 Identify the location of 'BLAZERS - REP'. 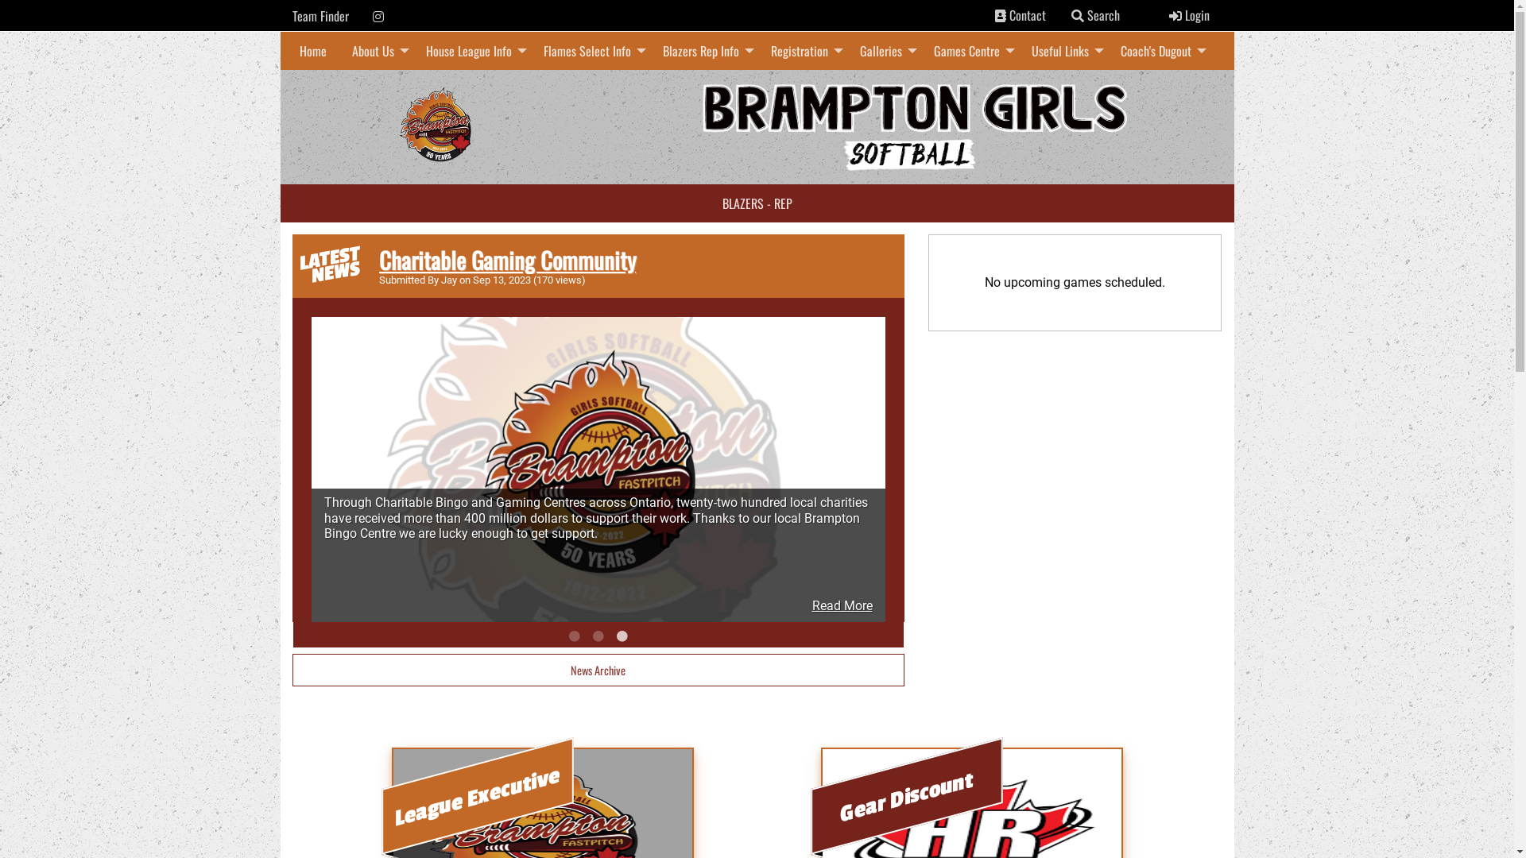
(755, 202).